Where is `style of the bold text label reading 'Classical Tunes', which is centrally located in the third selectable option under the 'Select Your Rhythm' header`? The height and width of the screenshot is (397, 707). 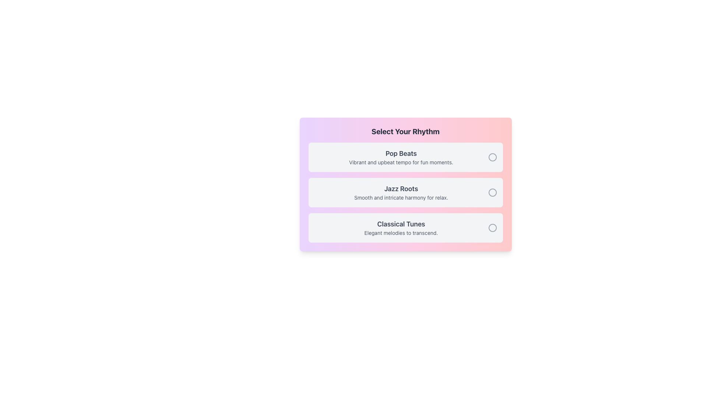
style of the bold text label reading 'Classical Tunes', which is centrally located in the third selectable option under the 'Select Your Rhythm' header is located at coordinates (401, 223).